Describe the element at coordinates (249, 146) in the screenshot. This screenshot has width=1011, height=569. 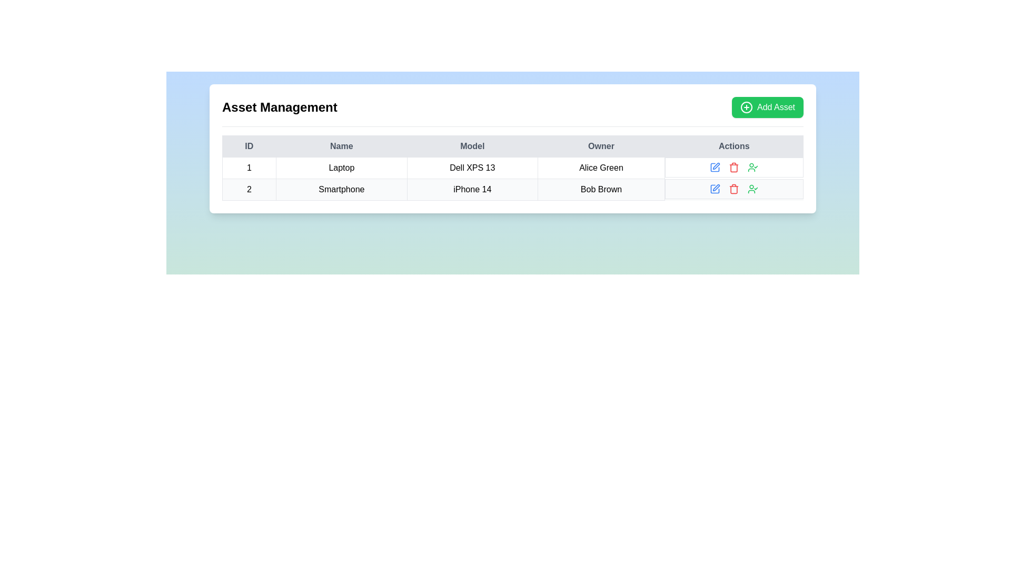
I see `the Table Header Cell that contains the text 'ID', which is bold and centrally aligned within a structured light background cell` at that location.